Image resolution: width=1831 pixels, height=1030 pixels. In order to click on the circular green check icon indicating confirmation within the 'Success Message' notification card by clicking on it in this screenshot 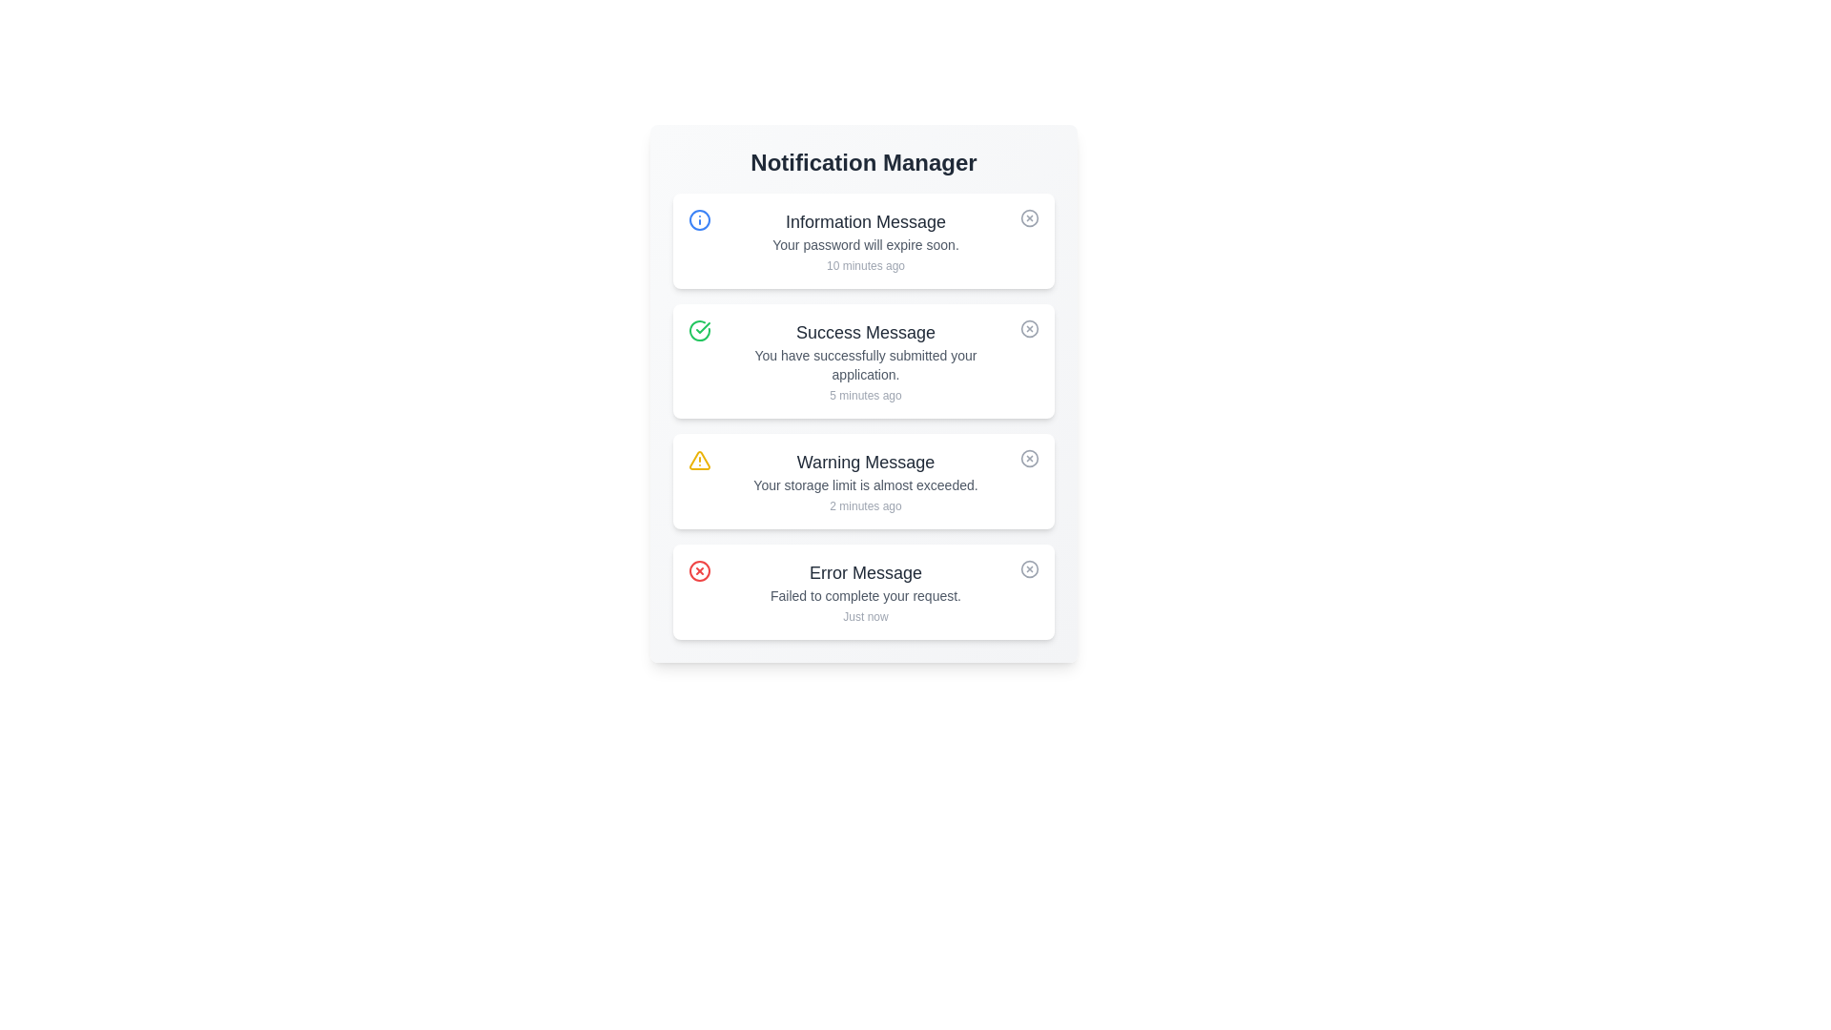, I will do `click(699, 330)`.